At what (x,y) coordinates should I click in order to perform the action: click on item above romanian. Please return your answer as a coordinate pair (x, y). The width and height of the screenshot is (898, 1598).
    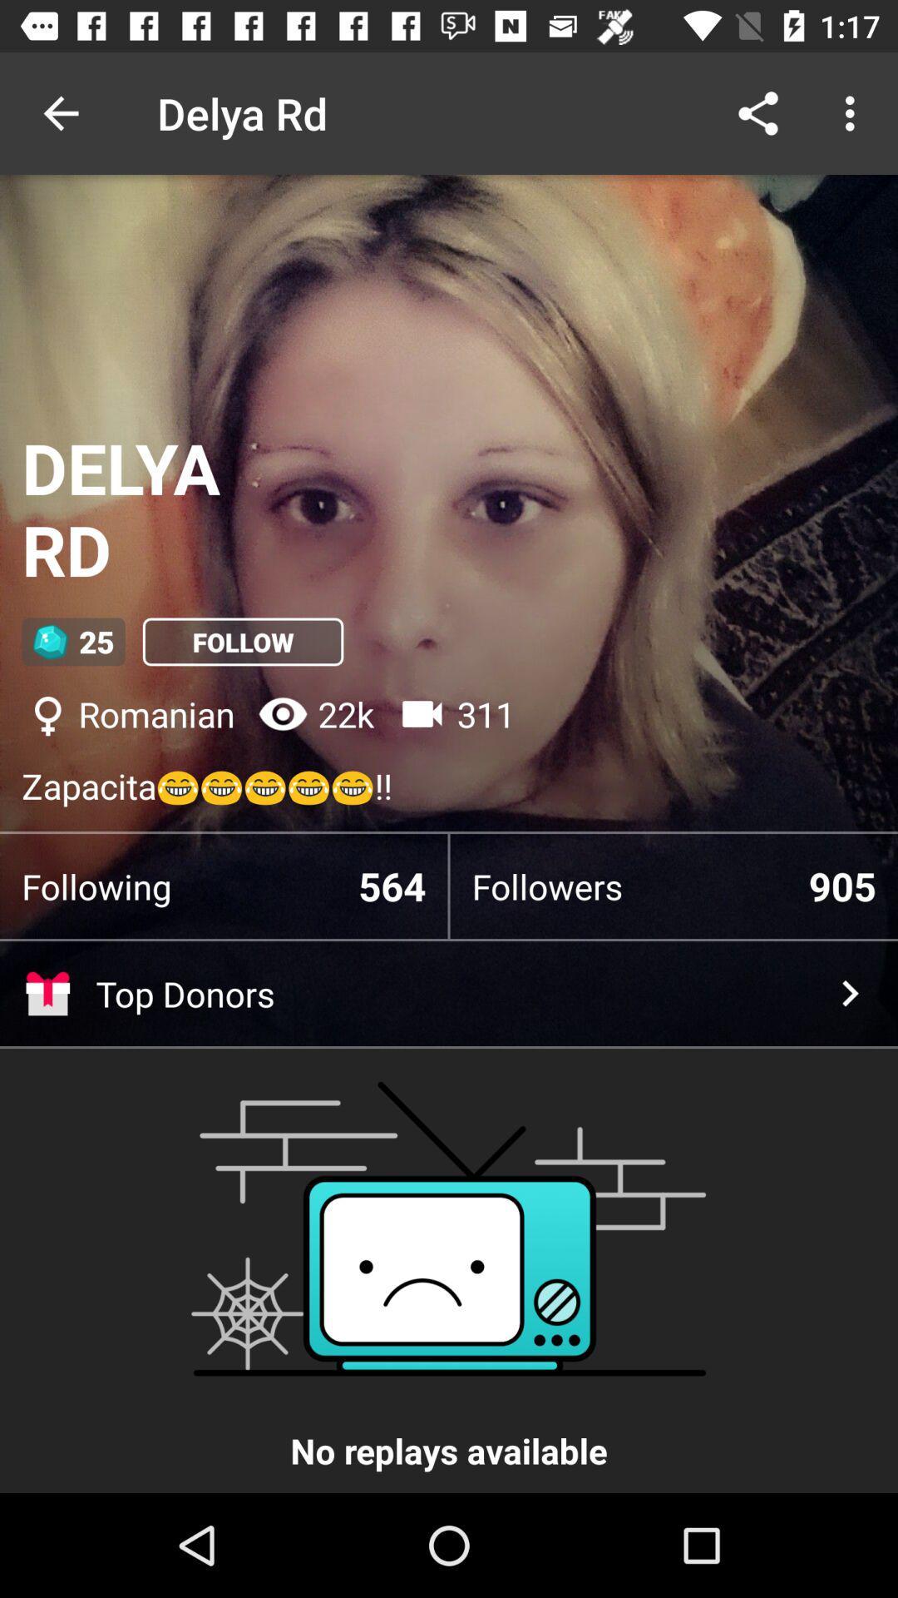
    Looking at the image, I should click on (243, 641).